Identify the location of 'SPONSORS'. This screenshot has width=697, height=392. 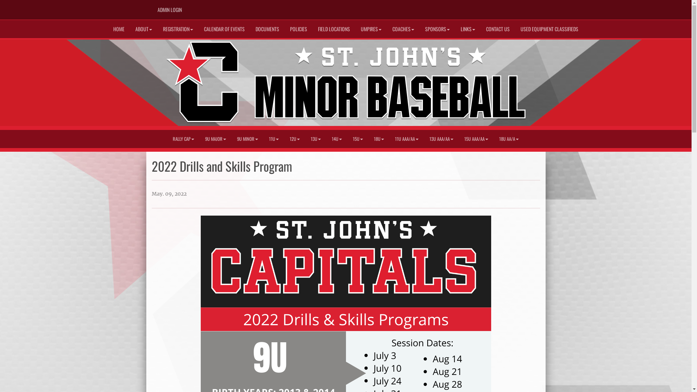
(437, 29).